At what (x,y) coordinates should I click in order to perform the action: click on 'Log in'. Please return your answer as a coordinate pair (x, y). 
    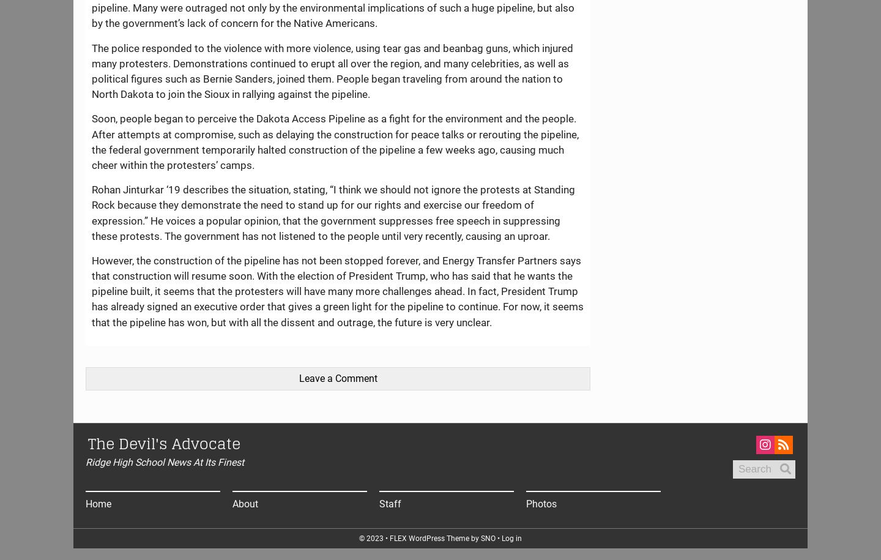
    Looking at the image, I should click on (501, 537).